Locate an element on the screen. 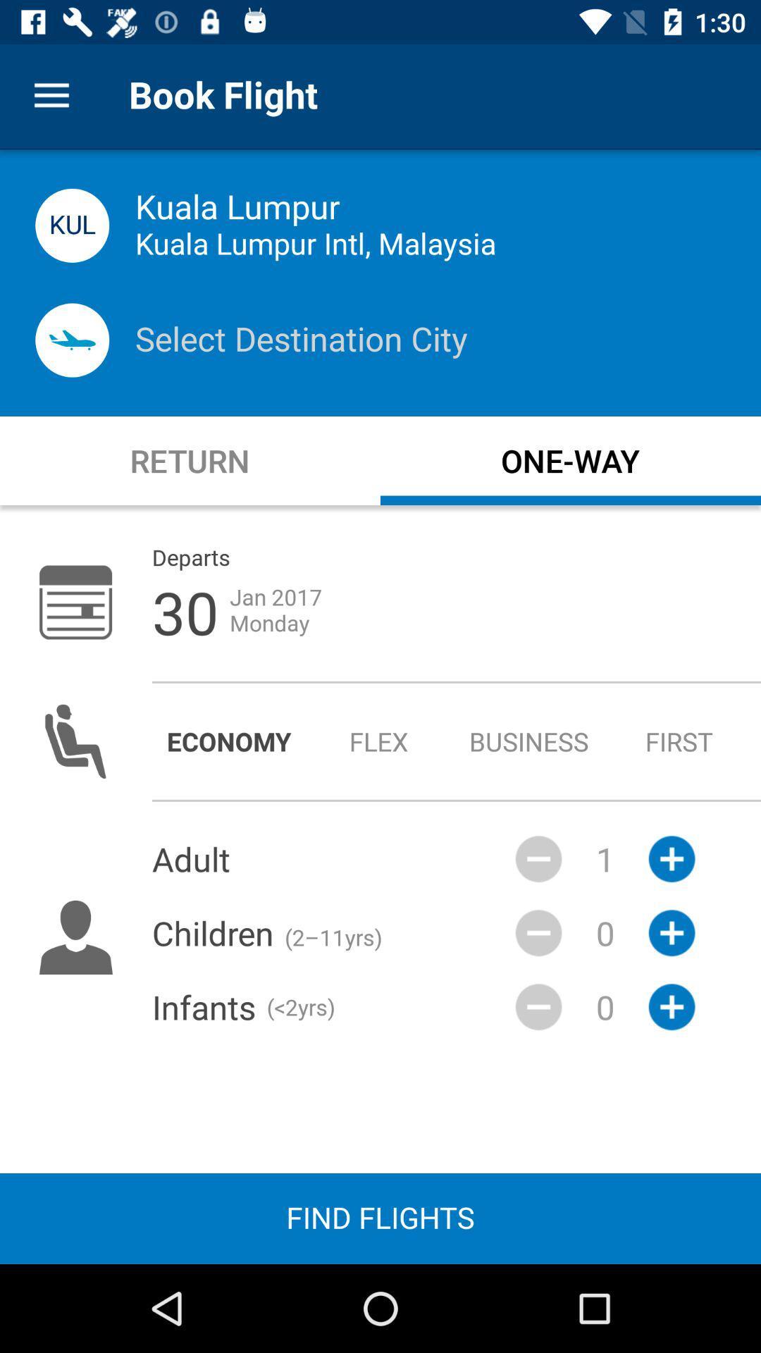 Image resolution: width=761 pixels, height=1353 pixels. item to the left of flex radio button is located at coordinates (228, 741).